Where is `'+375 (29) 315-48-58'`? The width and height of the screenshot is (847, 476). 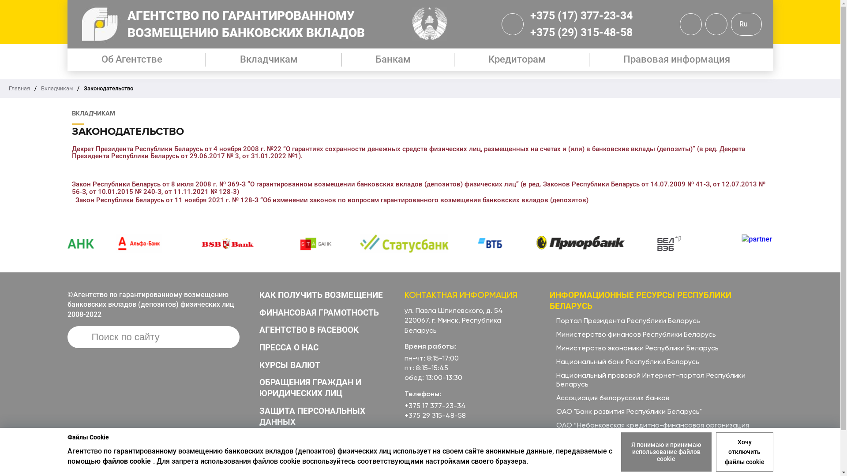 '+375 (29) 315-48-58' is located at coordinates (529, 32).